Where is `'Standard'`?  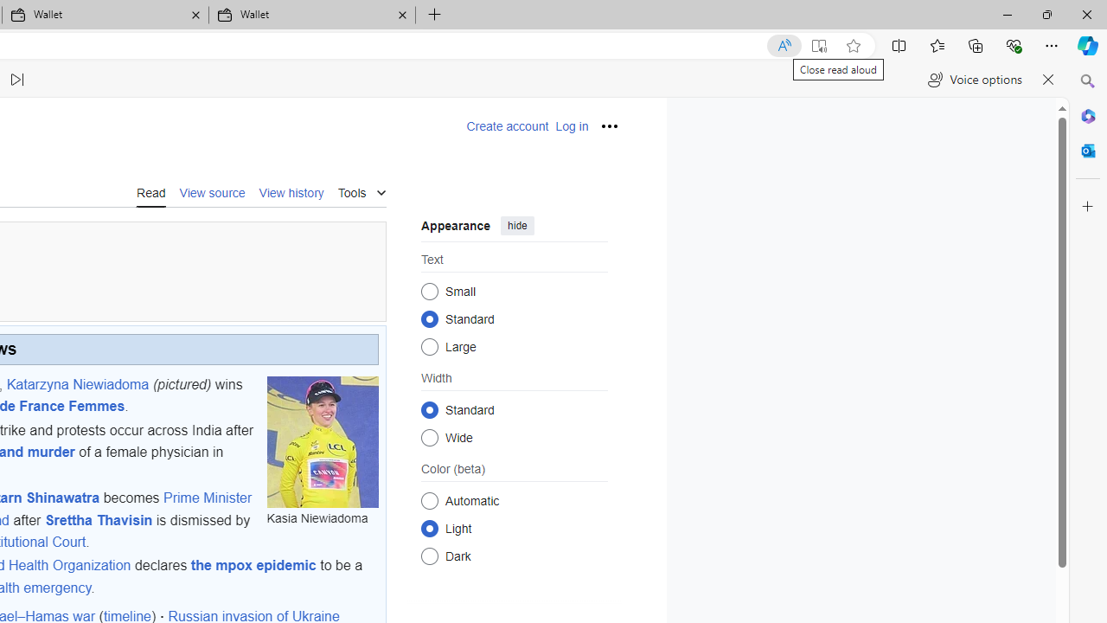
'Standard' is located at coordinates (429, 409).